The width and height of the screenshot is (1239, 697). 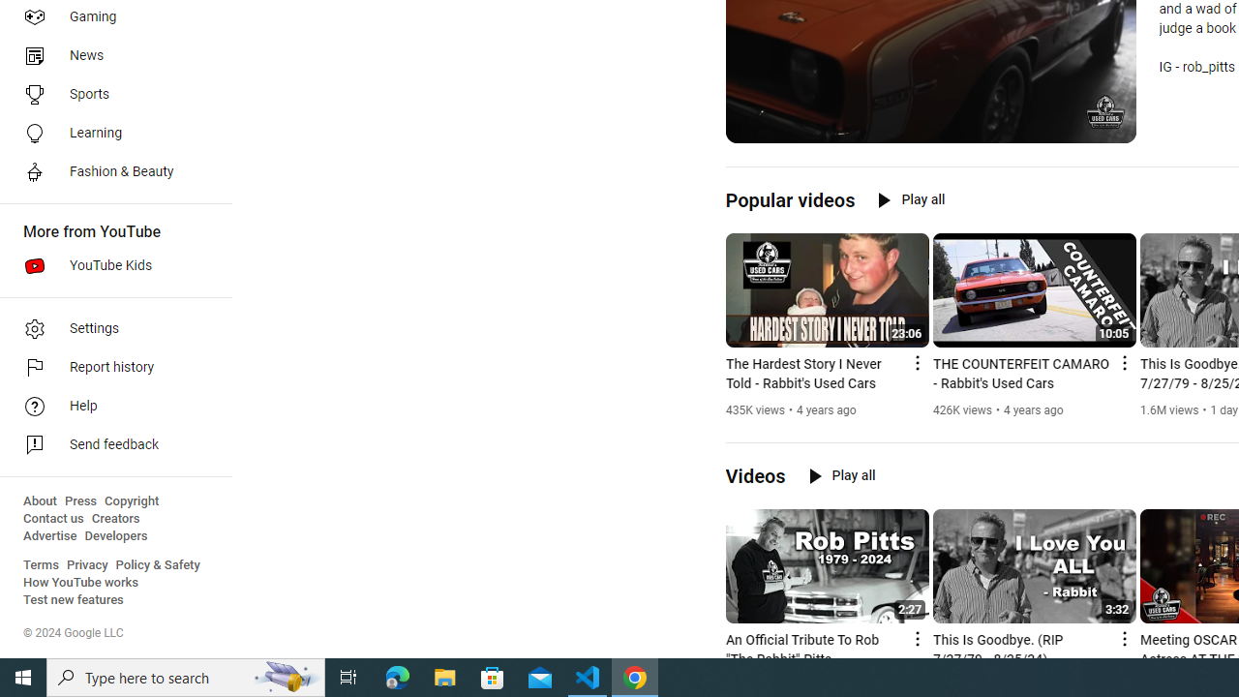 What do you see at coordinates (790, 199) in the screenshot?
I see `'Popular videos'` at bounding box center [790, 199].